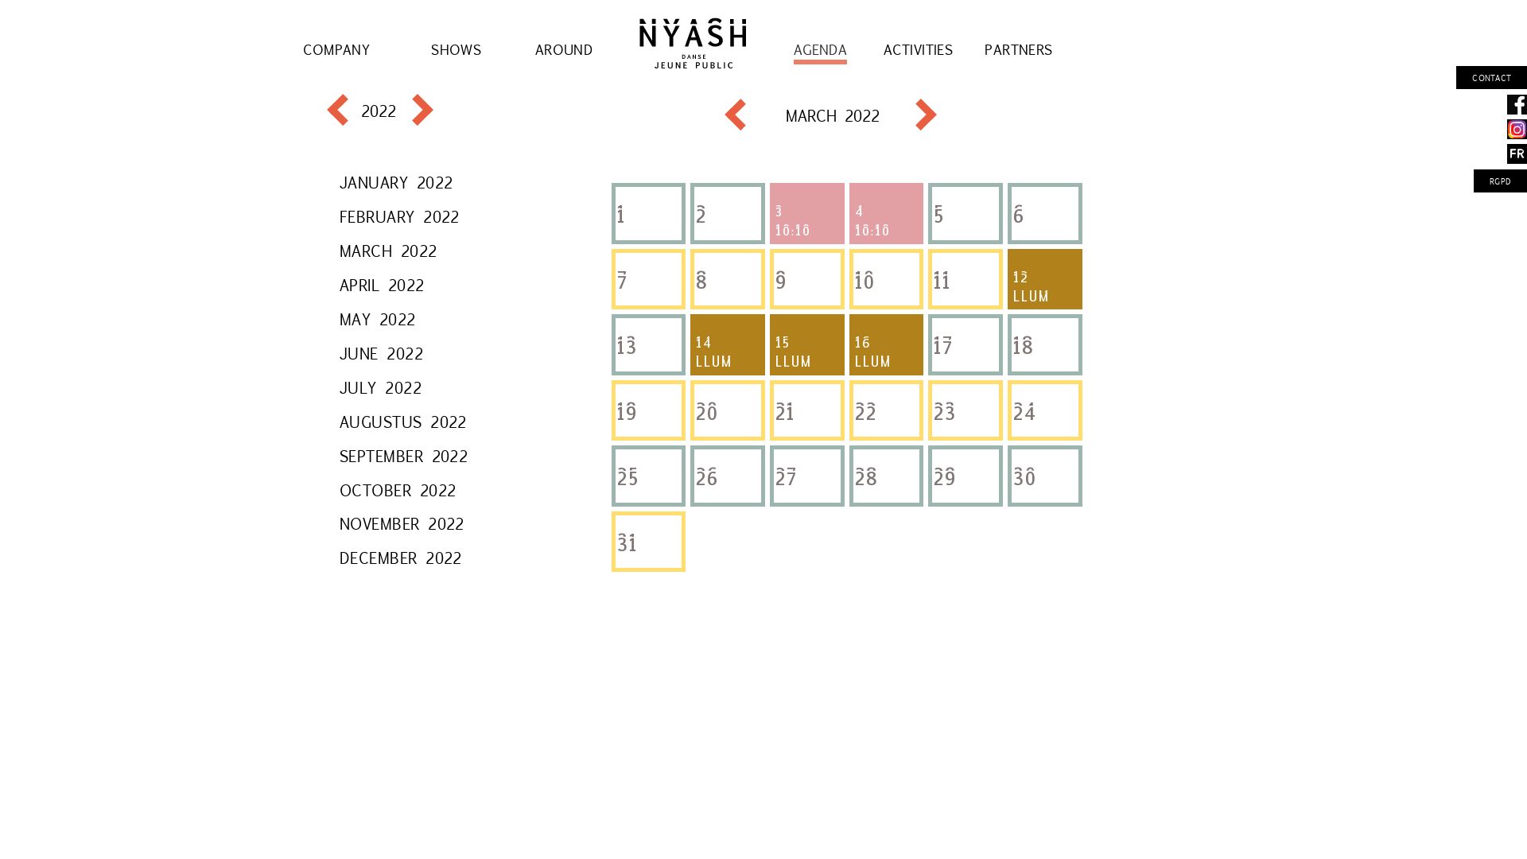  What do you see at coordinates (398, 488) in the screenshot?
I see `'OCTOBER 2022'` at bounding box center [398, 488].